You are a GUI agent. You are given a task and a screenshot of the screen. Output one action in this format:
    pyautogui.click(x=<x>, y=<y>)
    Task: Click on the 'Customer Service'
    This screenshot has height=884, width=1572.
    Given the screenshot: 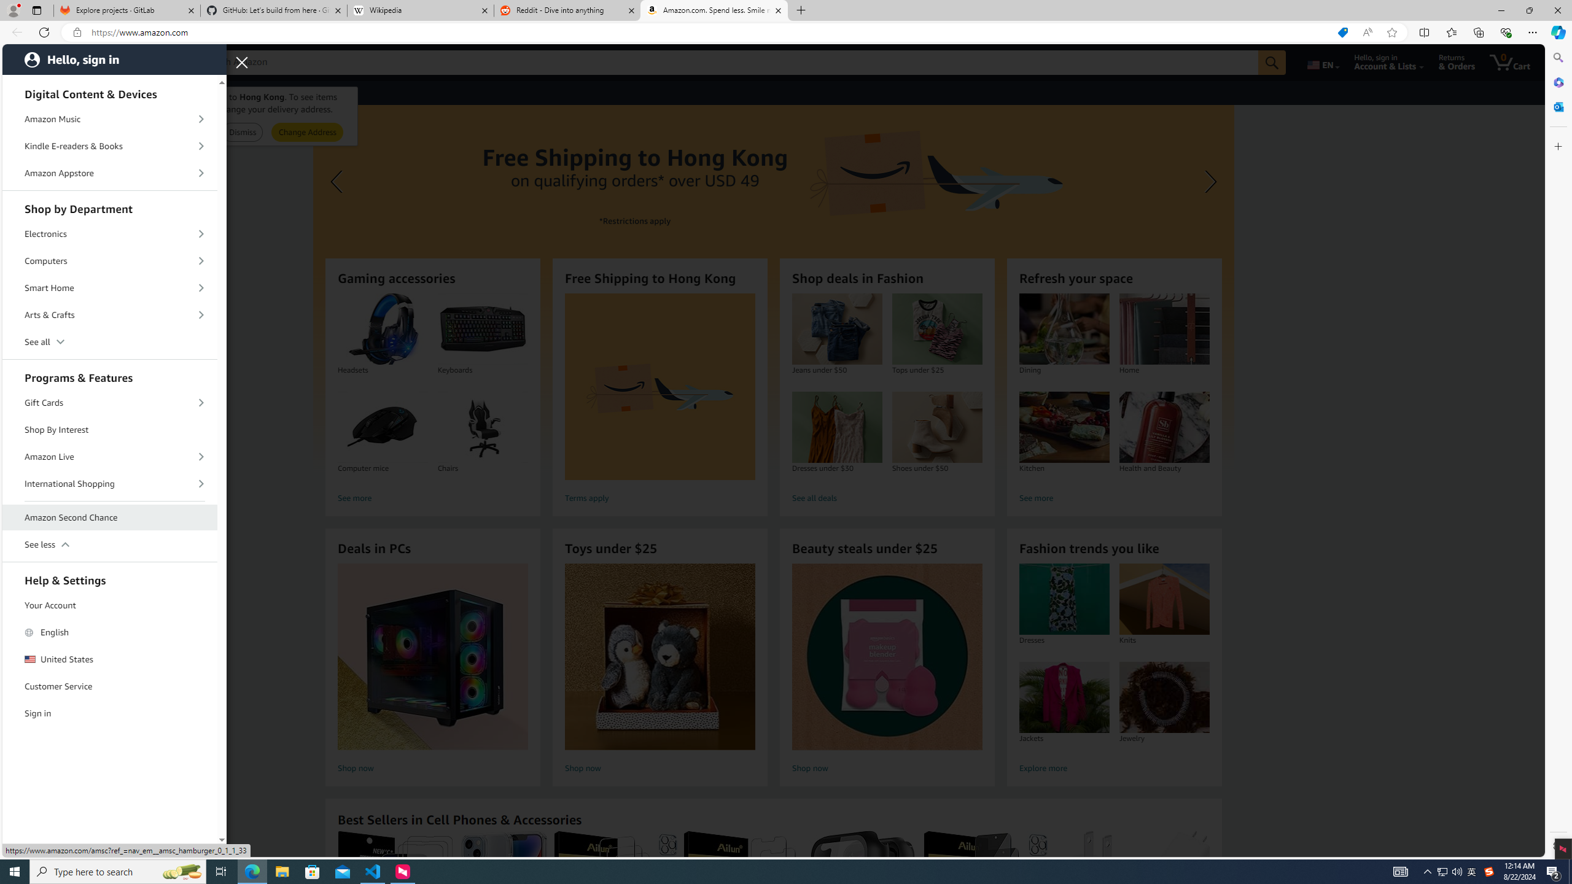 What is the action you would take?
    pyautogui.click(x=110, y=686)
    